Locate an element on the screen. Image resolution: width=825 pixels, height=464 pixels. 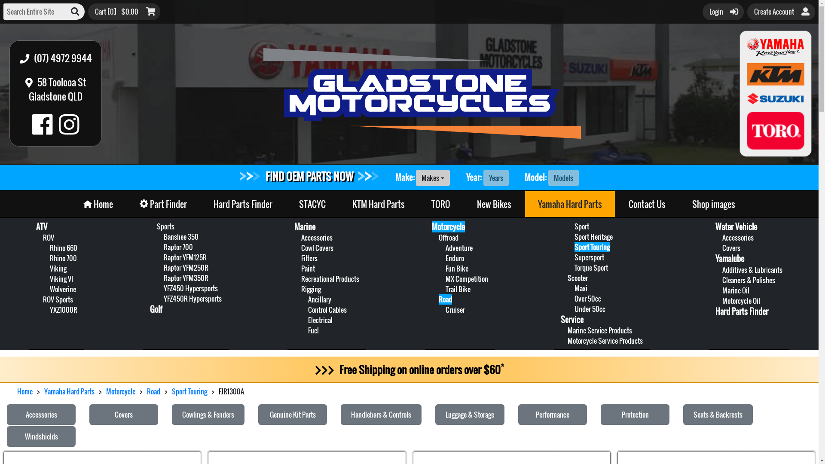
'Additives & Lubricants' is located at coordinates (752, 269).